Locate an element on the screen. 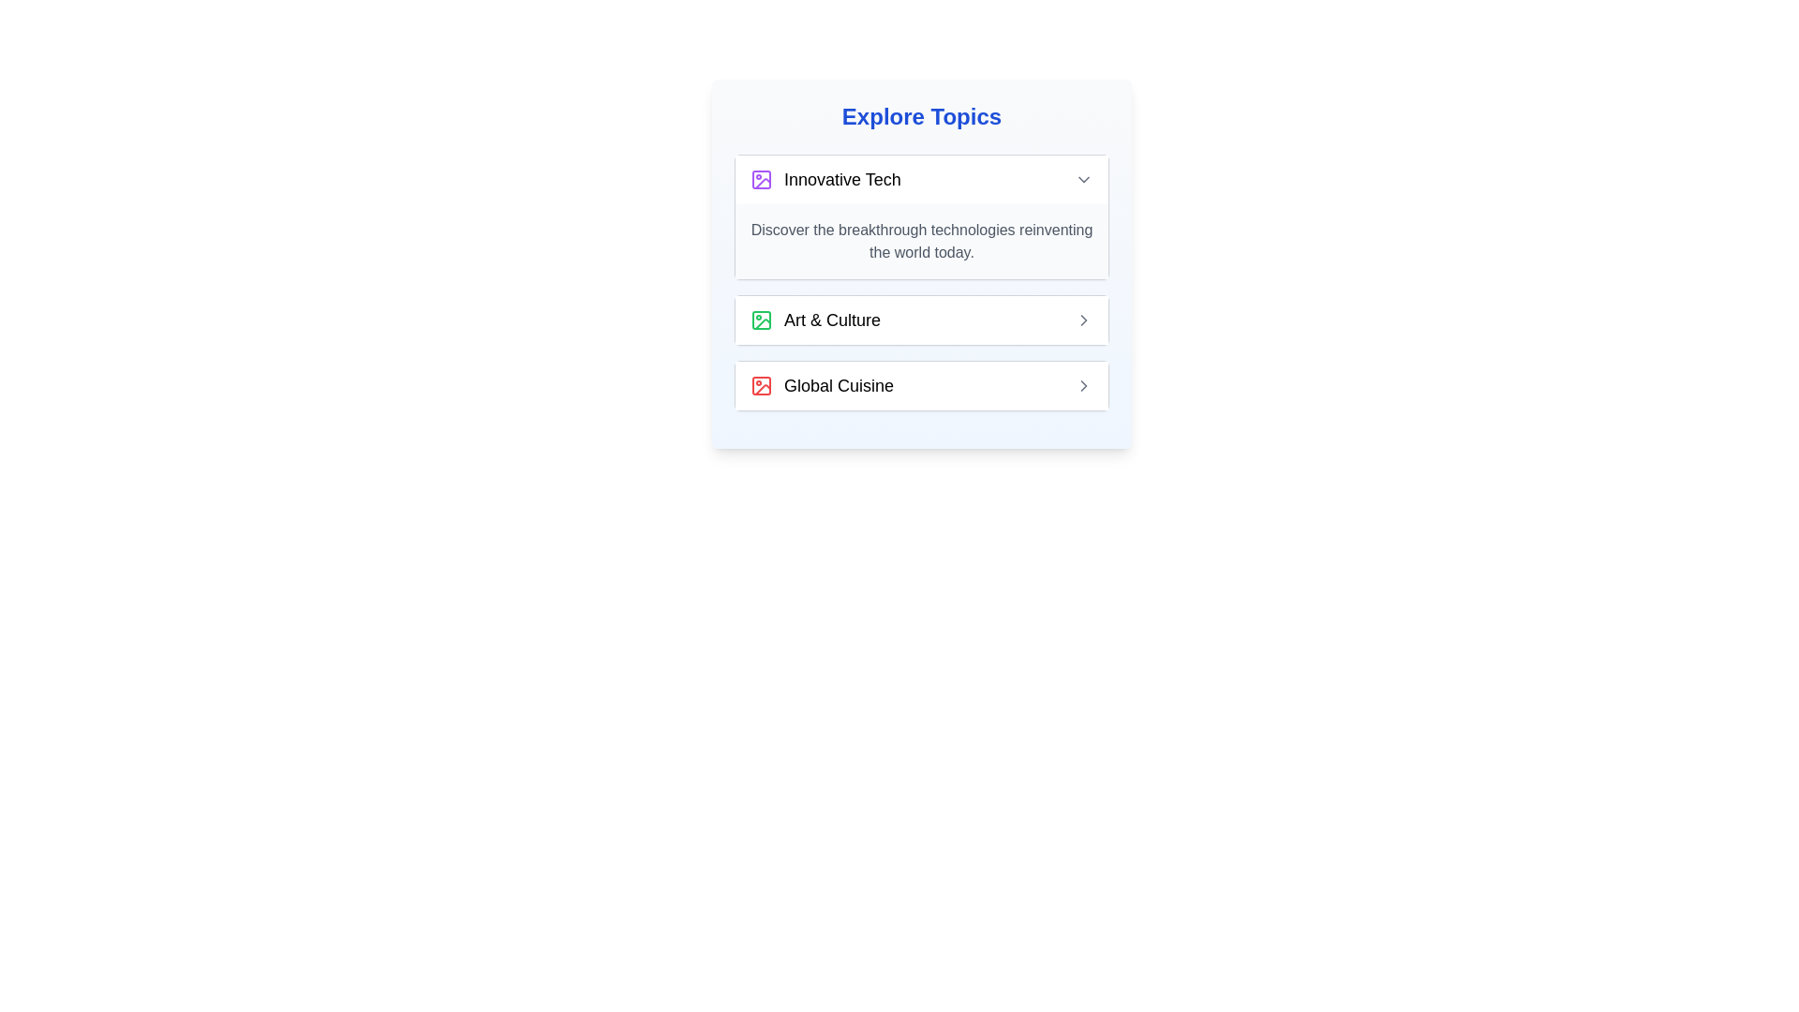  the 'Global Cuisine' text label within the 'Explore Topics' panel is located at coordinates (838, 385).